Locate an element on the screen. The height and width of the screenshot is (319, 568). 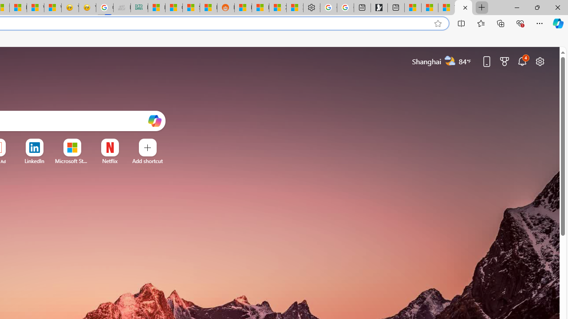
'Page settings' is located at coordinates (539, 61).